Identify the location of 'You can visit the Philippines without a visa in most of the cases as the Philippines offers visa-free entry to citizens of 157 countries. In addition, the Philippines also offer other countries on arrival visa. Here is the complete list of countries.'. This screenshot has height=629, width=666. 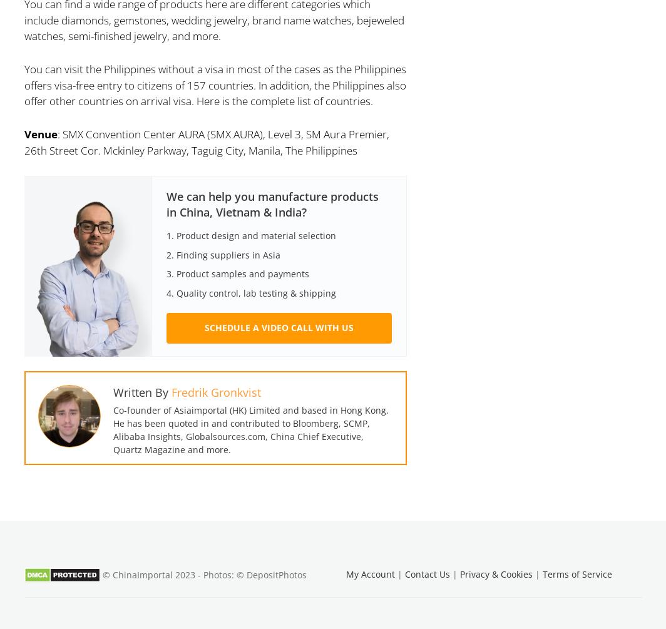
(23, 84).